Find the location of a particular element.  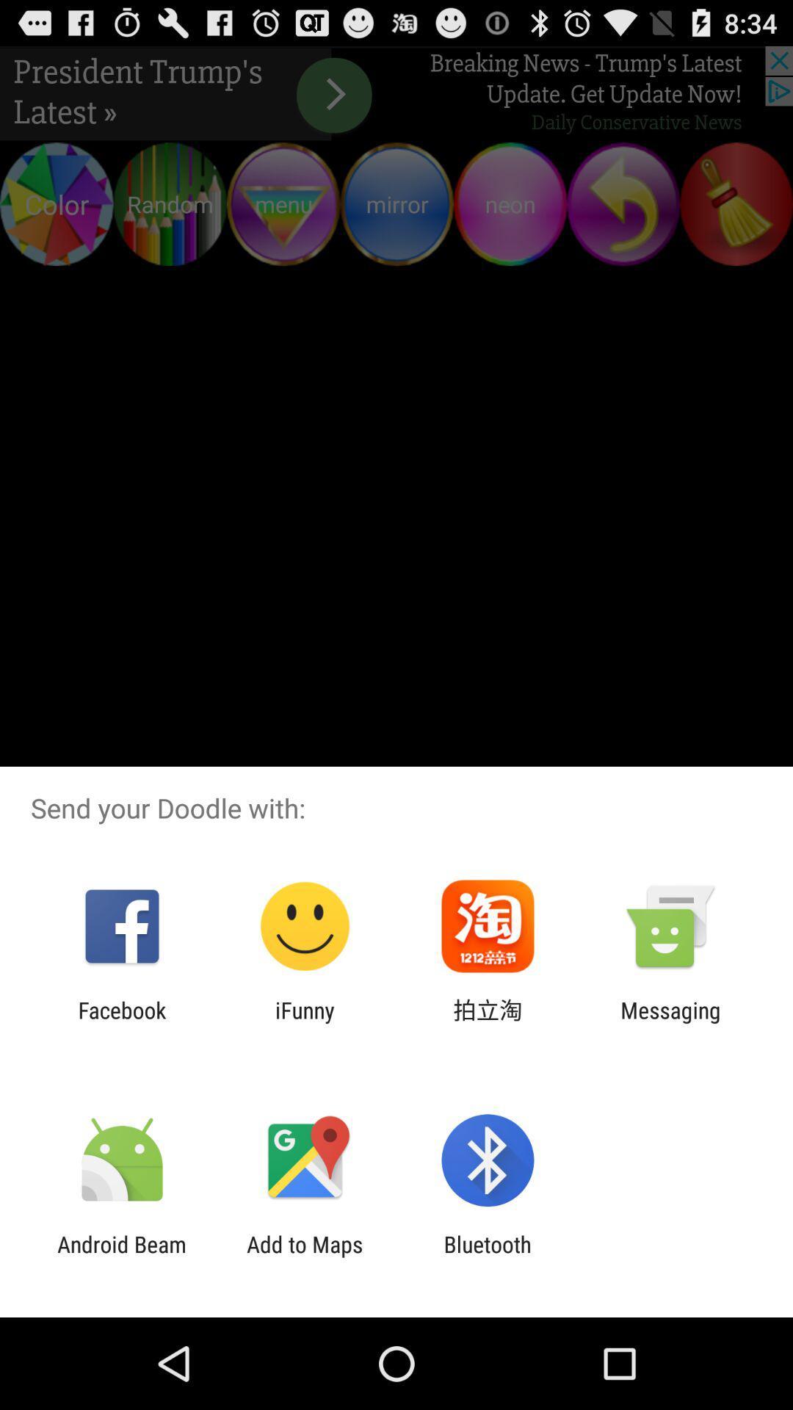

the item to the left of the add to maps is located at coordinates (121, 1257).